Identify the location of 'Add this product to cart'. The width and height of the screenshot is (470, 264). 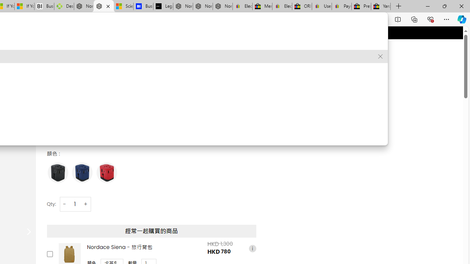
(49, 253).